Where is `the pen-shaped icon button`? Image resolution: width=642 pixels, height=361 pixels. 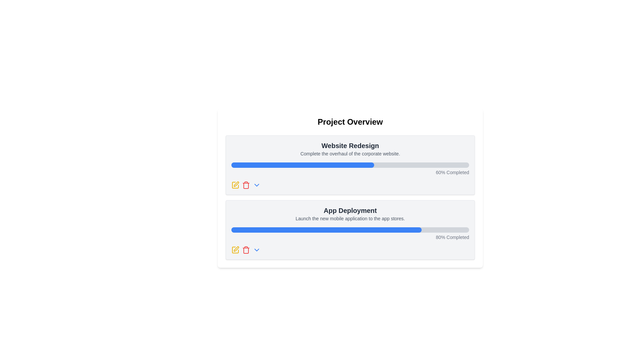 the pen-shaped icon button is located at coordinates (236, 249).